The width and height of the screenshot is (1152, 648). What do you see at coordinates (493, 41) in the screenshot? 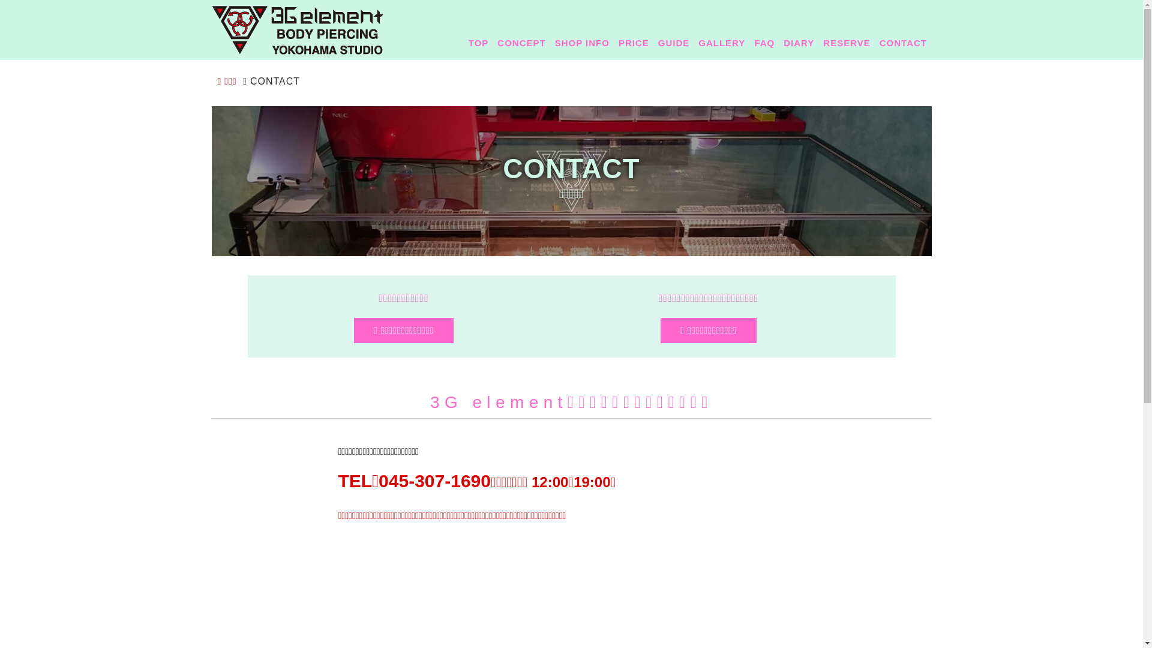
I see `'CONCEPT'` at bounding box center [493, 41].